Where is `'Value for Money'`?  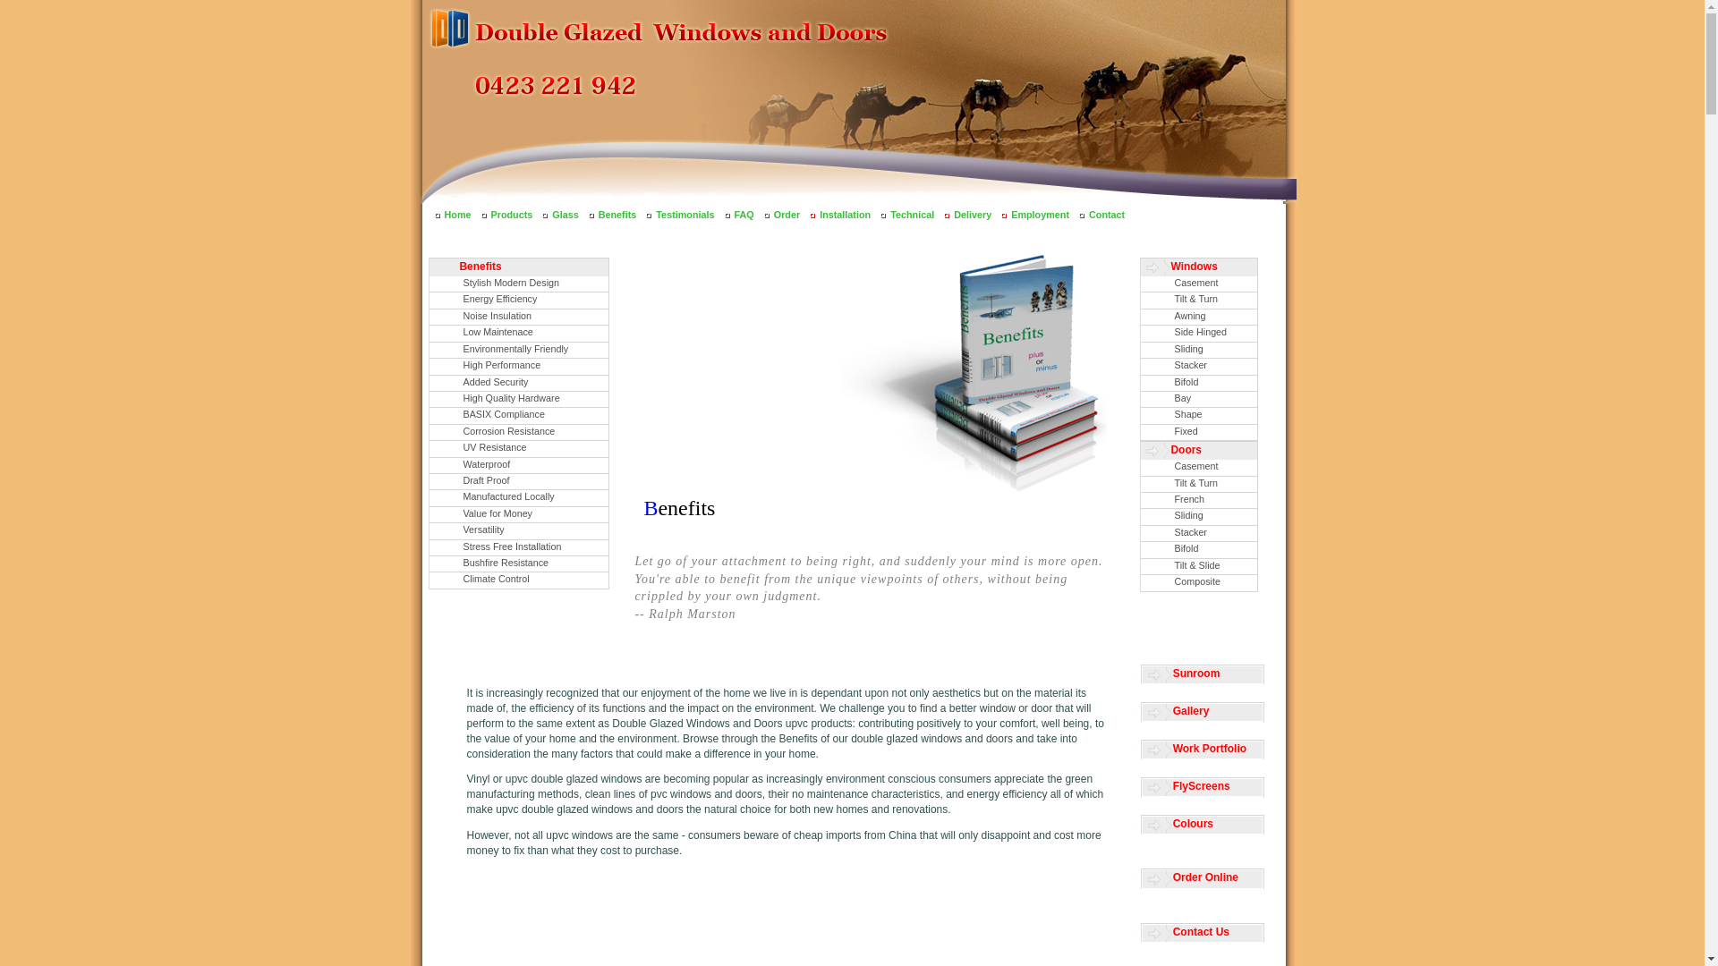
'Value for Money' is located at coordinates (518, 514).